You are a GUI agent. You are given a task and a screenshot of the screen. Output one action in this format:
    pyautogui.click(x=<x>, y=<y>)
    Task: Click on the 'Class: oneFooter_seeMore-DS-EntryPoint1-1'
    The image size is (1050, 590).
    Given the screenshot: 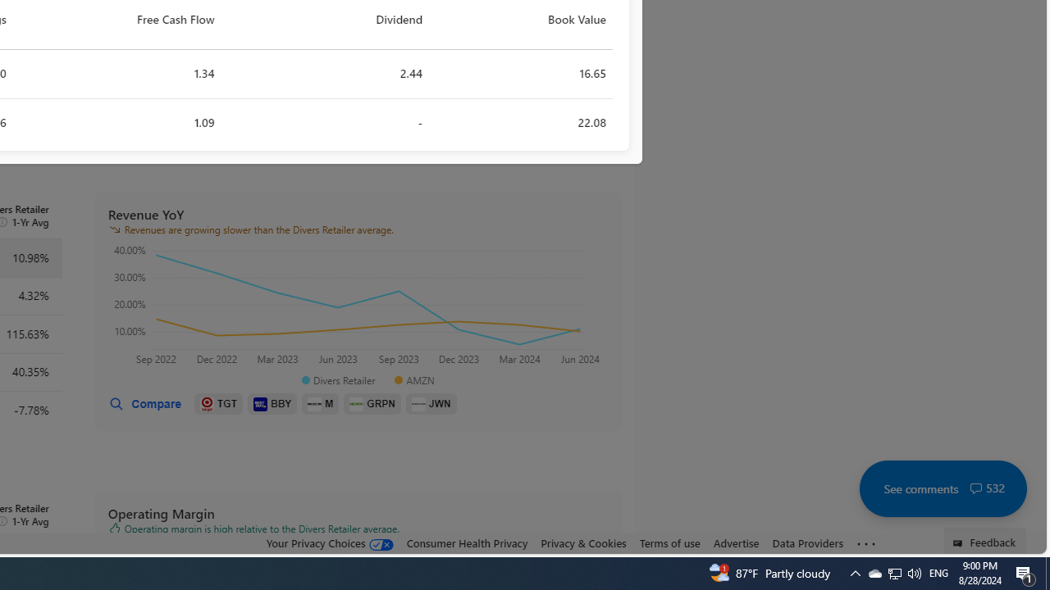 What is the action you would take?
    pyautogui.click(x=865, y=543)
    